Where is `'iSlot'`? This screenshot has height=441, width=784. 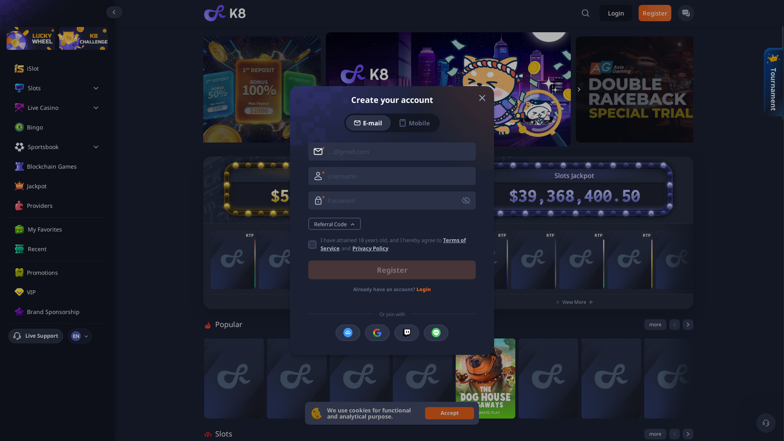 'iSlot' is located at coordinates (62, 68).